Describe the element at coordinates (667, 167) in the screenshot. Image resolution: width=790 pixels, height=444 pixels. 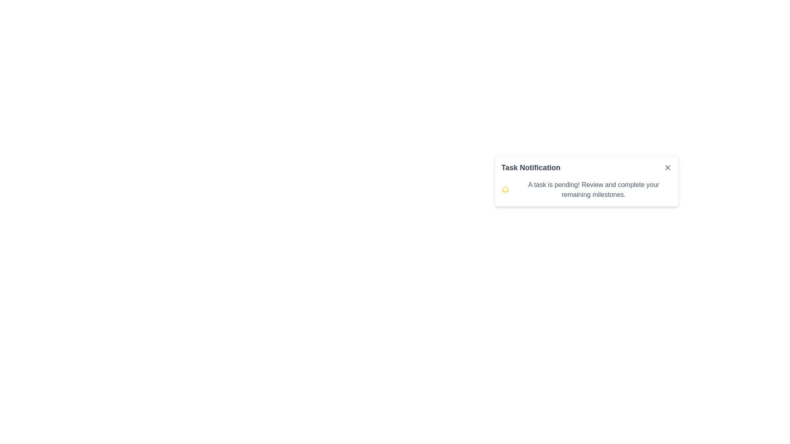
I see `the close button with a gray cross icon located at the top-right corner of the 'Task Notification' card` at that location.